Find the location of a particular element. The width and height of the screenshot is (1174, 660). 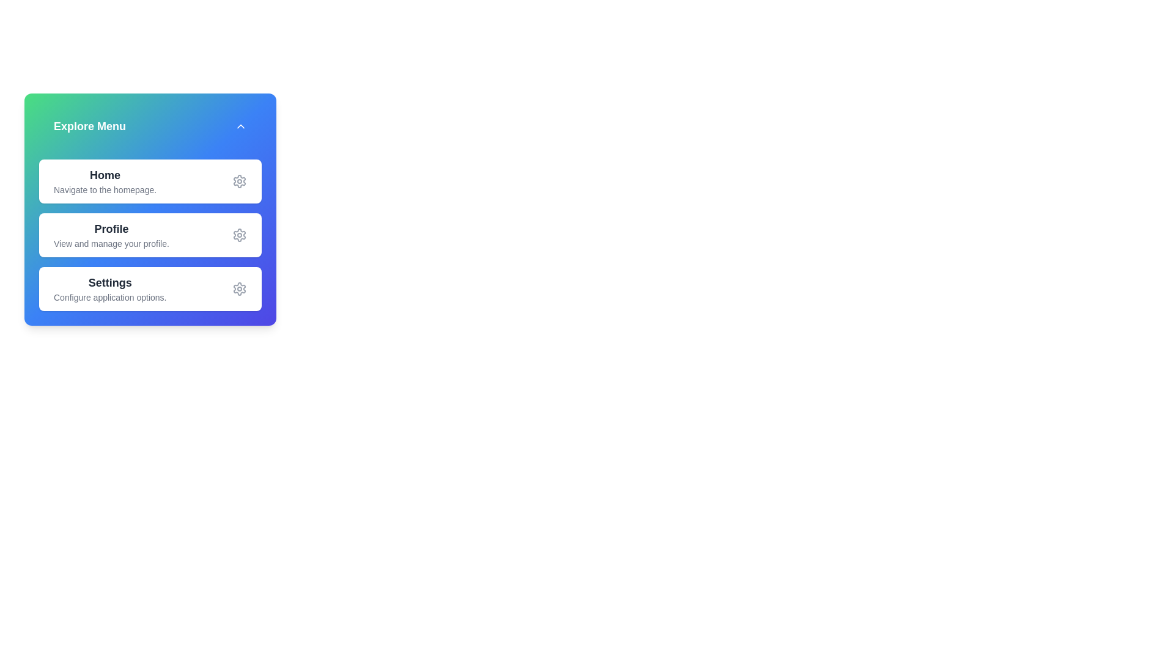

the settings icon for the menu item Settings is located at coordinates (240, 289).